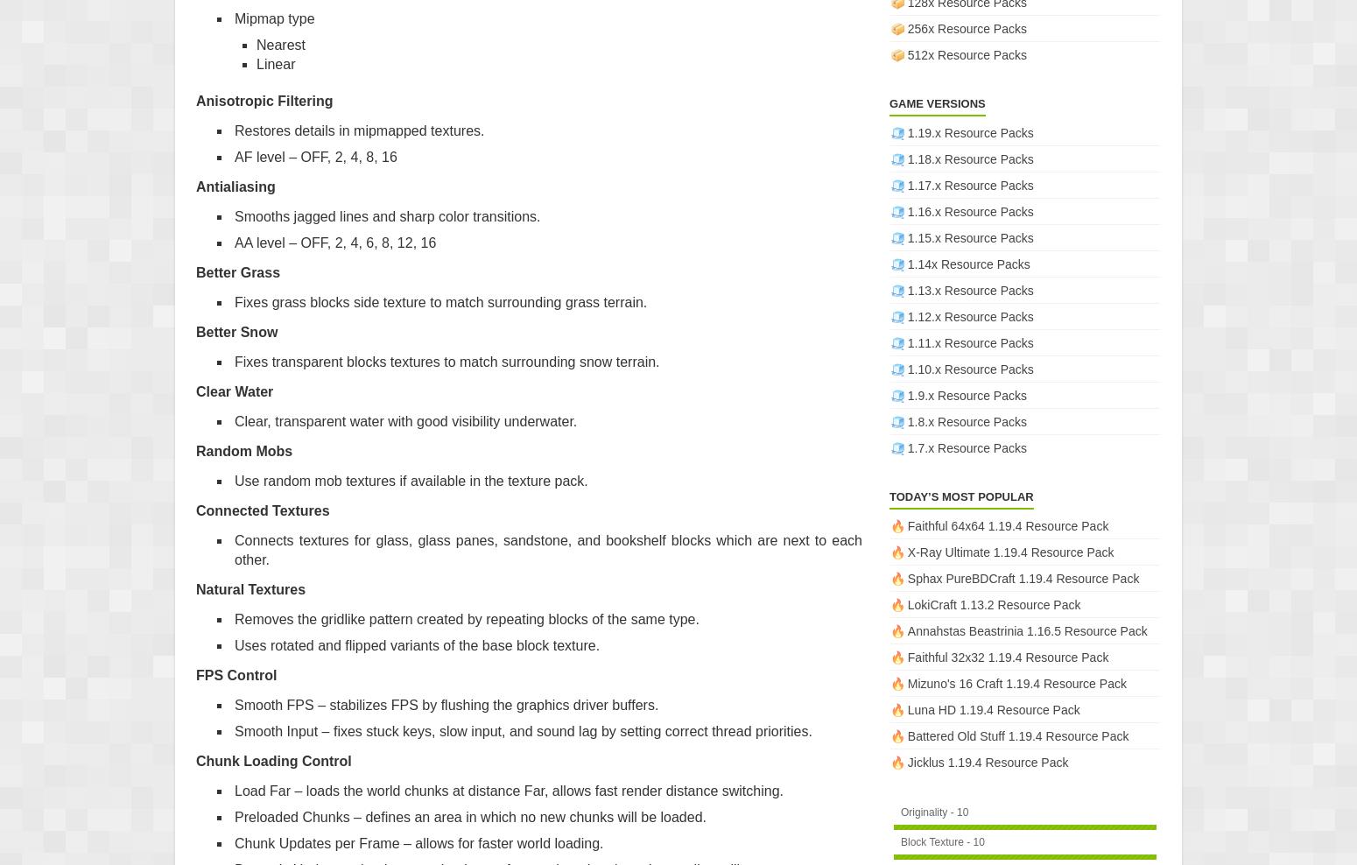 This screenshot has height=865, width=1357. Describe the element at coordinates (234, 241) in the screenshot. I see `'AA level – OFF, 2, 4, 6, 8, 12, 16'` at that location.